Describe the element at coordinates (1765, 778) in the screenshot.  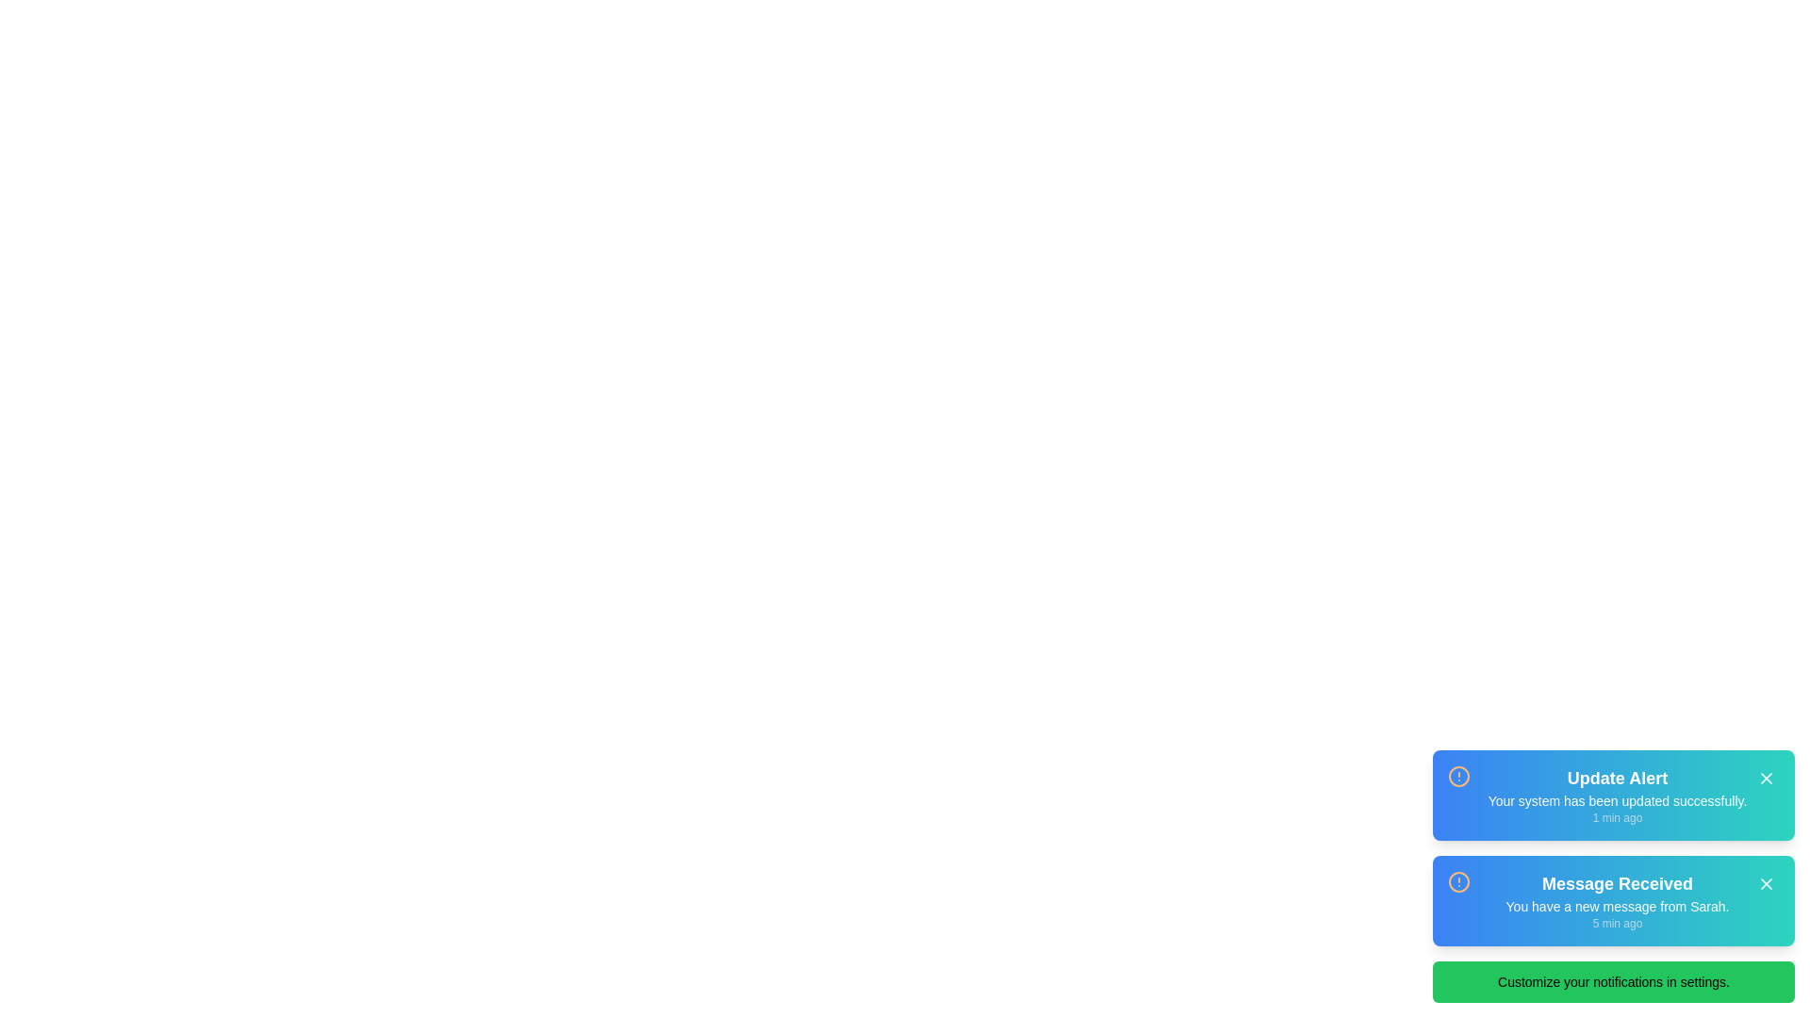
I see `the dismiss button of the first notification` at that location.